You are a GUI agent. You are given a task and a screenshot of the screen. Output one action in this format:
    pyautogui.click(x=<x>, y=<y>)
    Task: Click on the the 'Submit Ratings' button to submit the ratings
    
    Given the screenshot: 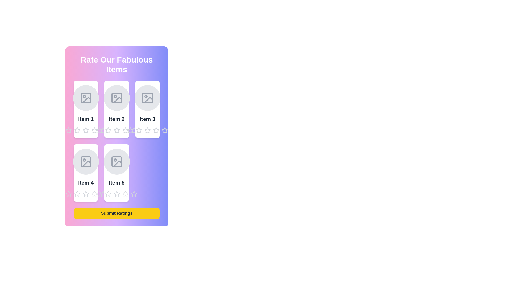 What is the action you would take?
    pyautogui.click(x=116, y=213)
    